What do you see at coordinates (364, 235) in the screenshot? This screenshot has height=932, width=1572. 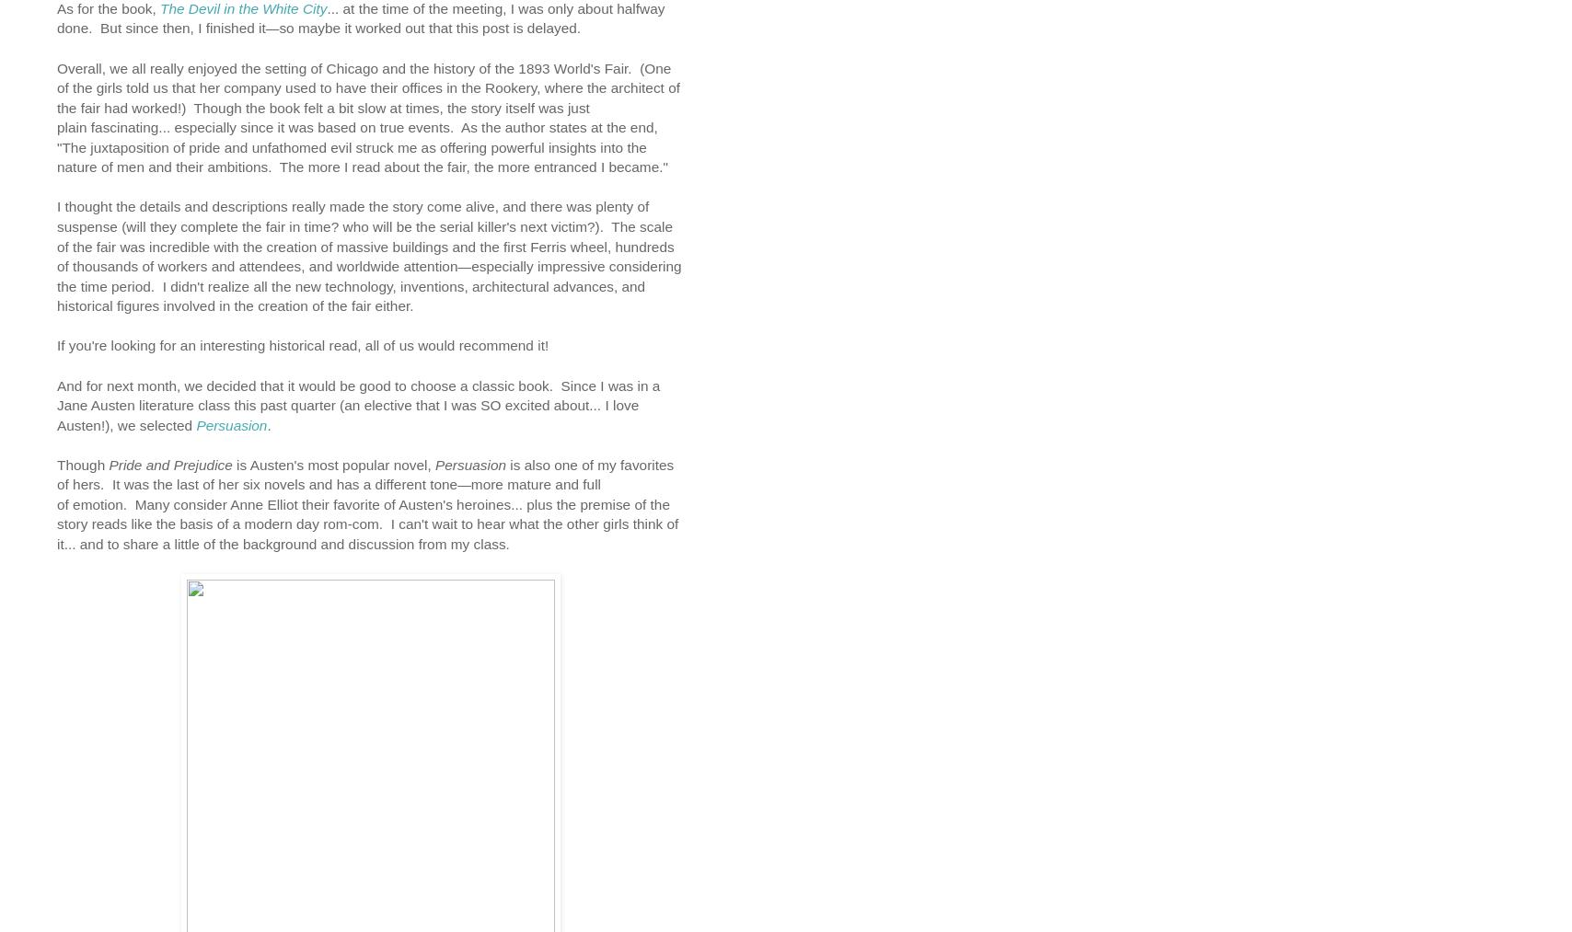 I see `'I thought the details and descriptions really made the story come alive, and there was plenty of suspense (will they complete the fair in time? who will be the serial killer's next victim?).  The scale of the fair was incredible with the creation of massive buildings and the first Ferris wheel, hundreds of thousands of workers and attendees, and worldwide attention'` at bounding box center [364, 235].